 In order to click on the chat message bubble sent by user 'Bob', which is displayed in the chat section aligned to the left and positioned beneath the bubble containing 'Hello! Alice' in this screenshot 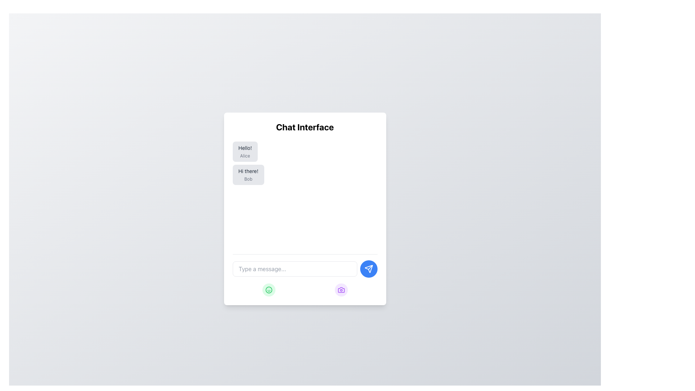, I will do `click(248, 175)`.